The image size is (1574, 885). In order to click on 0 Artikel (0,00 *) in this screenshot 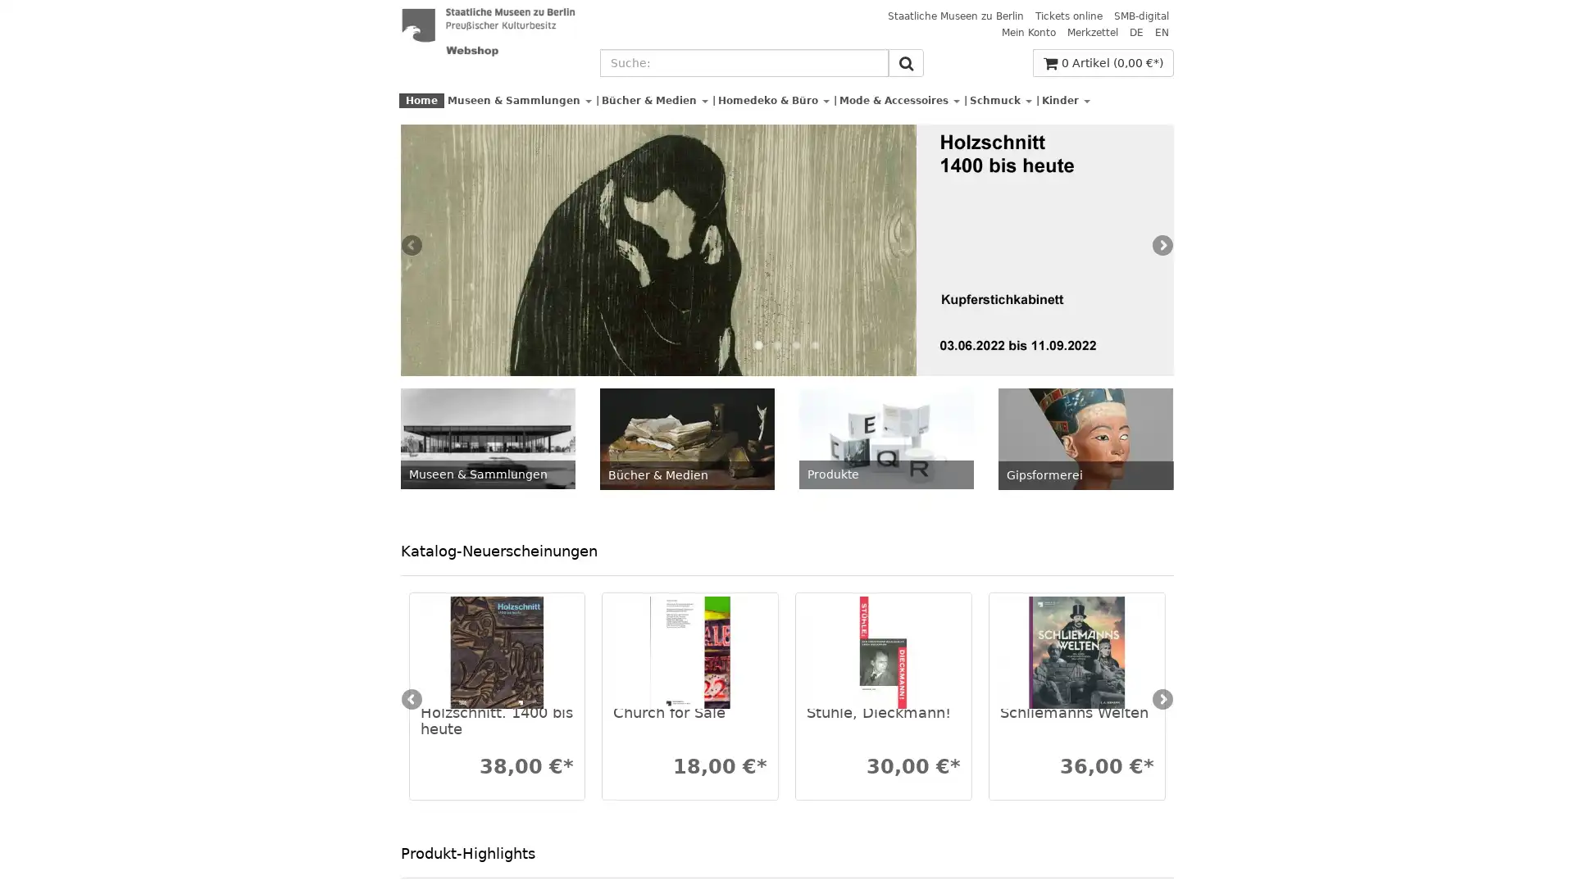, I will do `click(1102, 62)`.